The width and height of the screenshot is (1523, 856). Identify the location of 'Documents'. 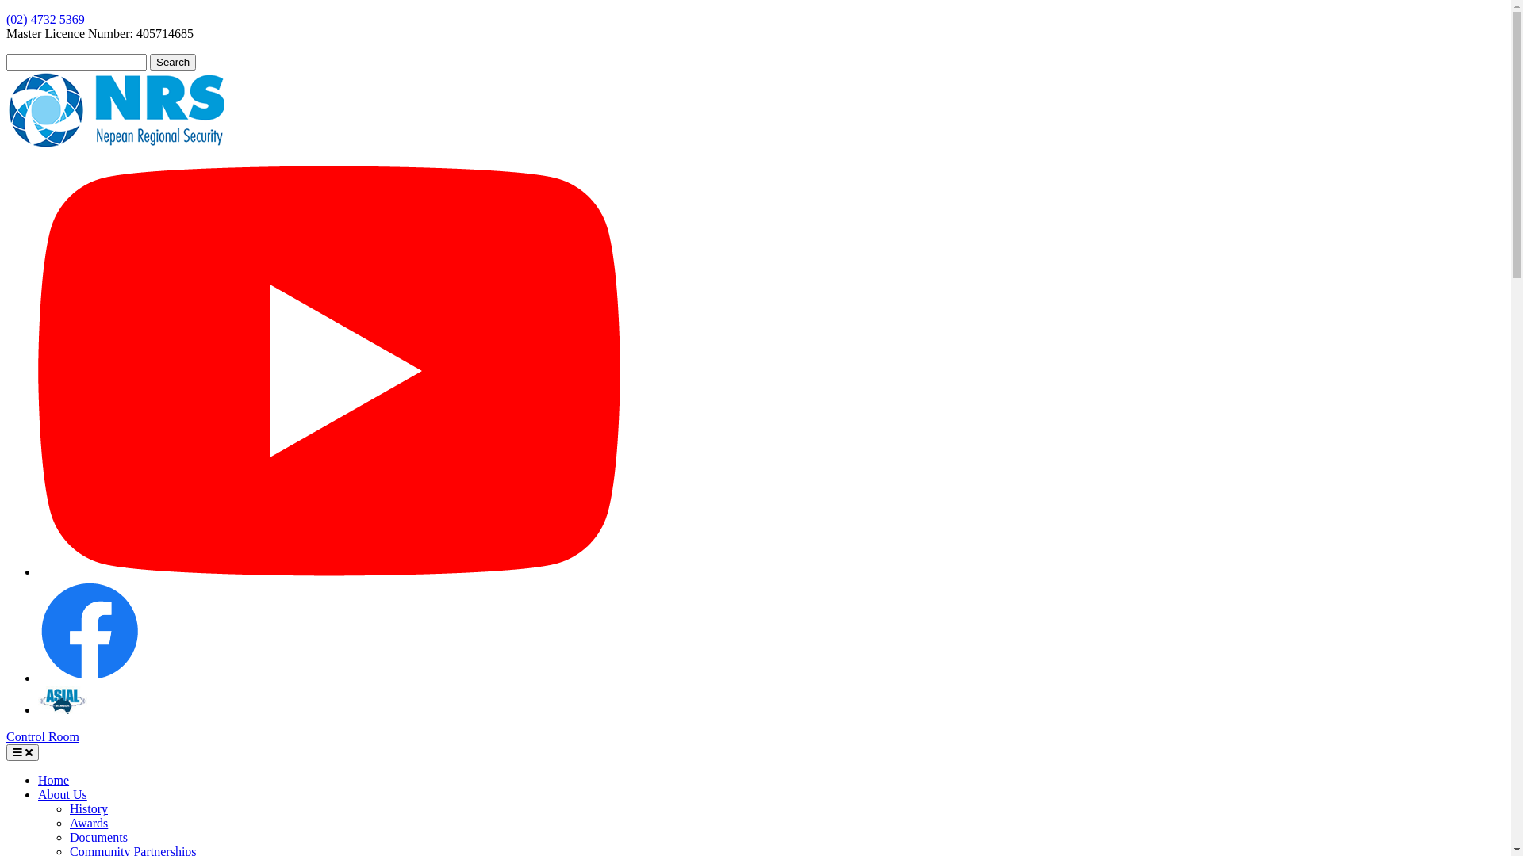
(98, 836).